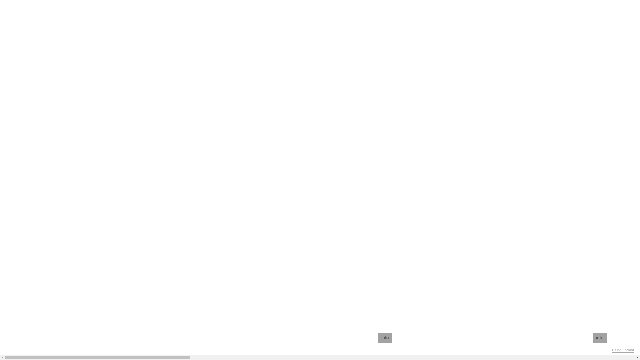 This screenshot has width=640, height=360. What do you see at coordinates (378, 338) in the screenshot?
I see `'info'` at bounding box center [378, 338].